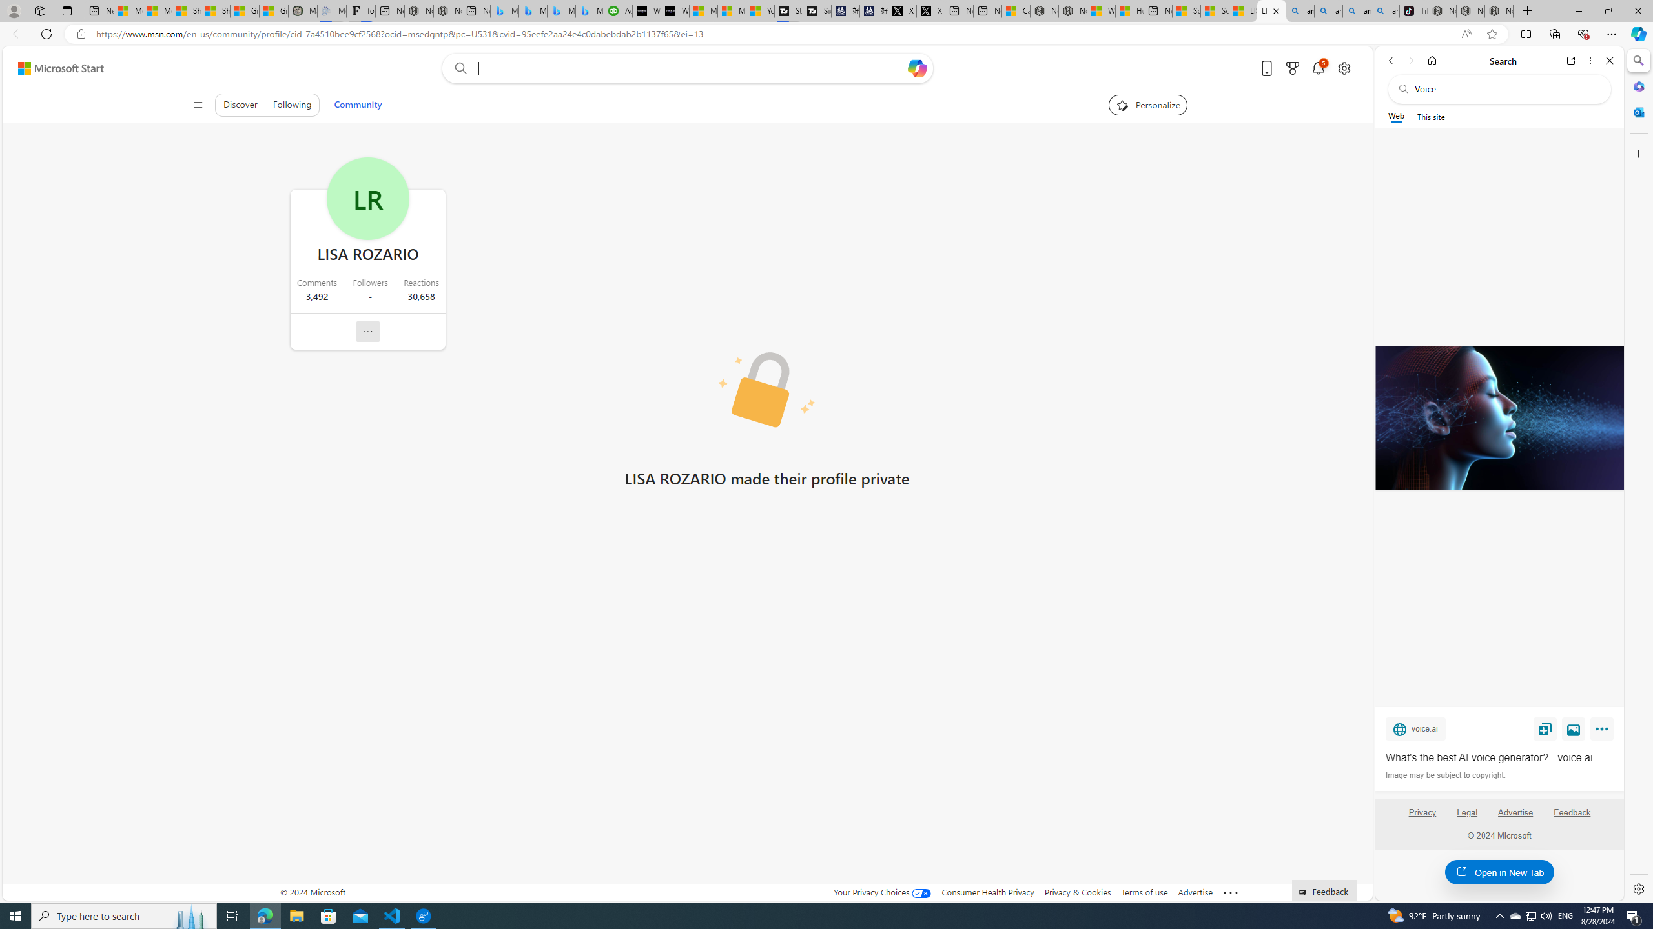 Image resolution: width=1653 pixels, height=929 pixels. I want to click on 'Legal', so click(1466, 817).